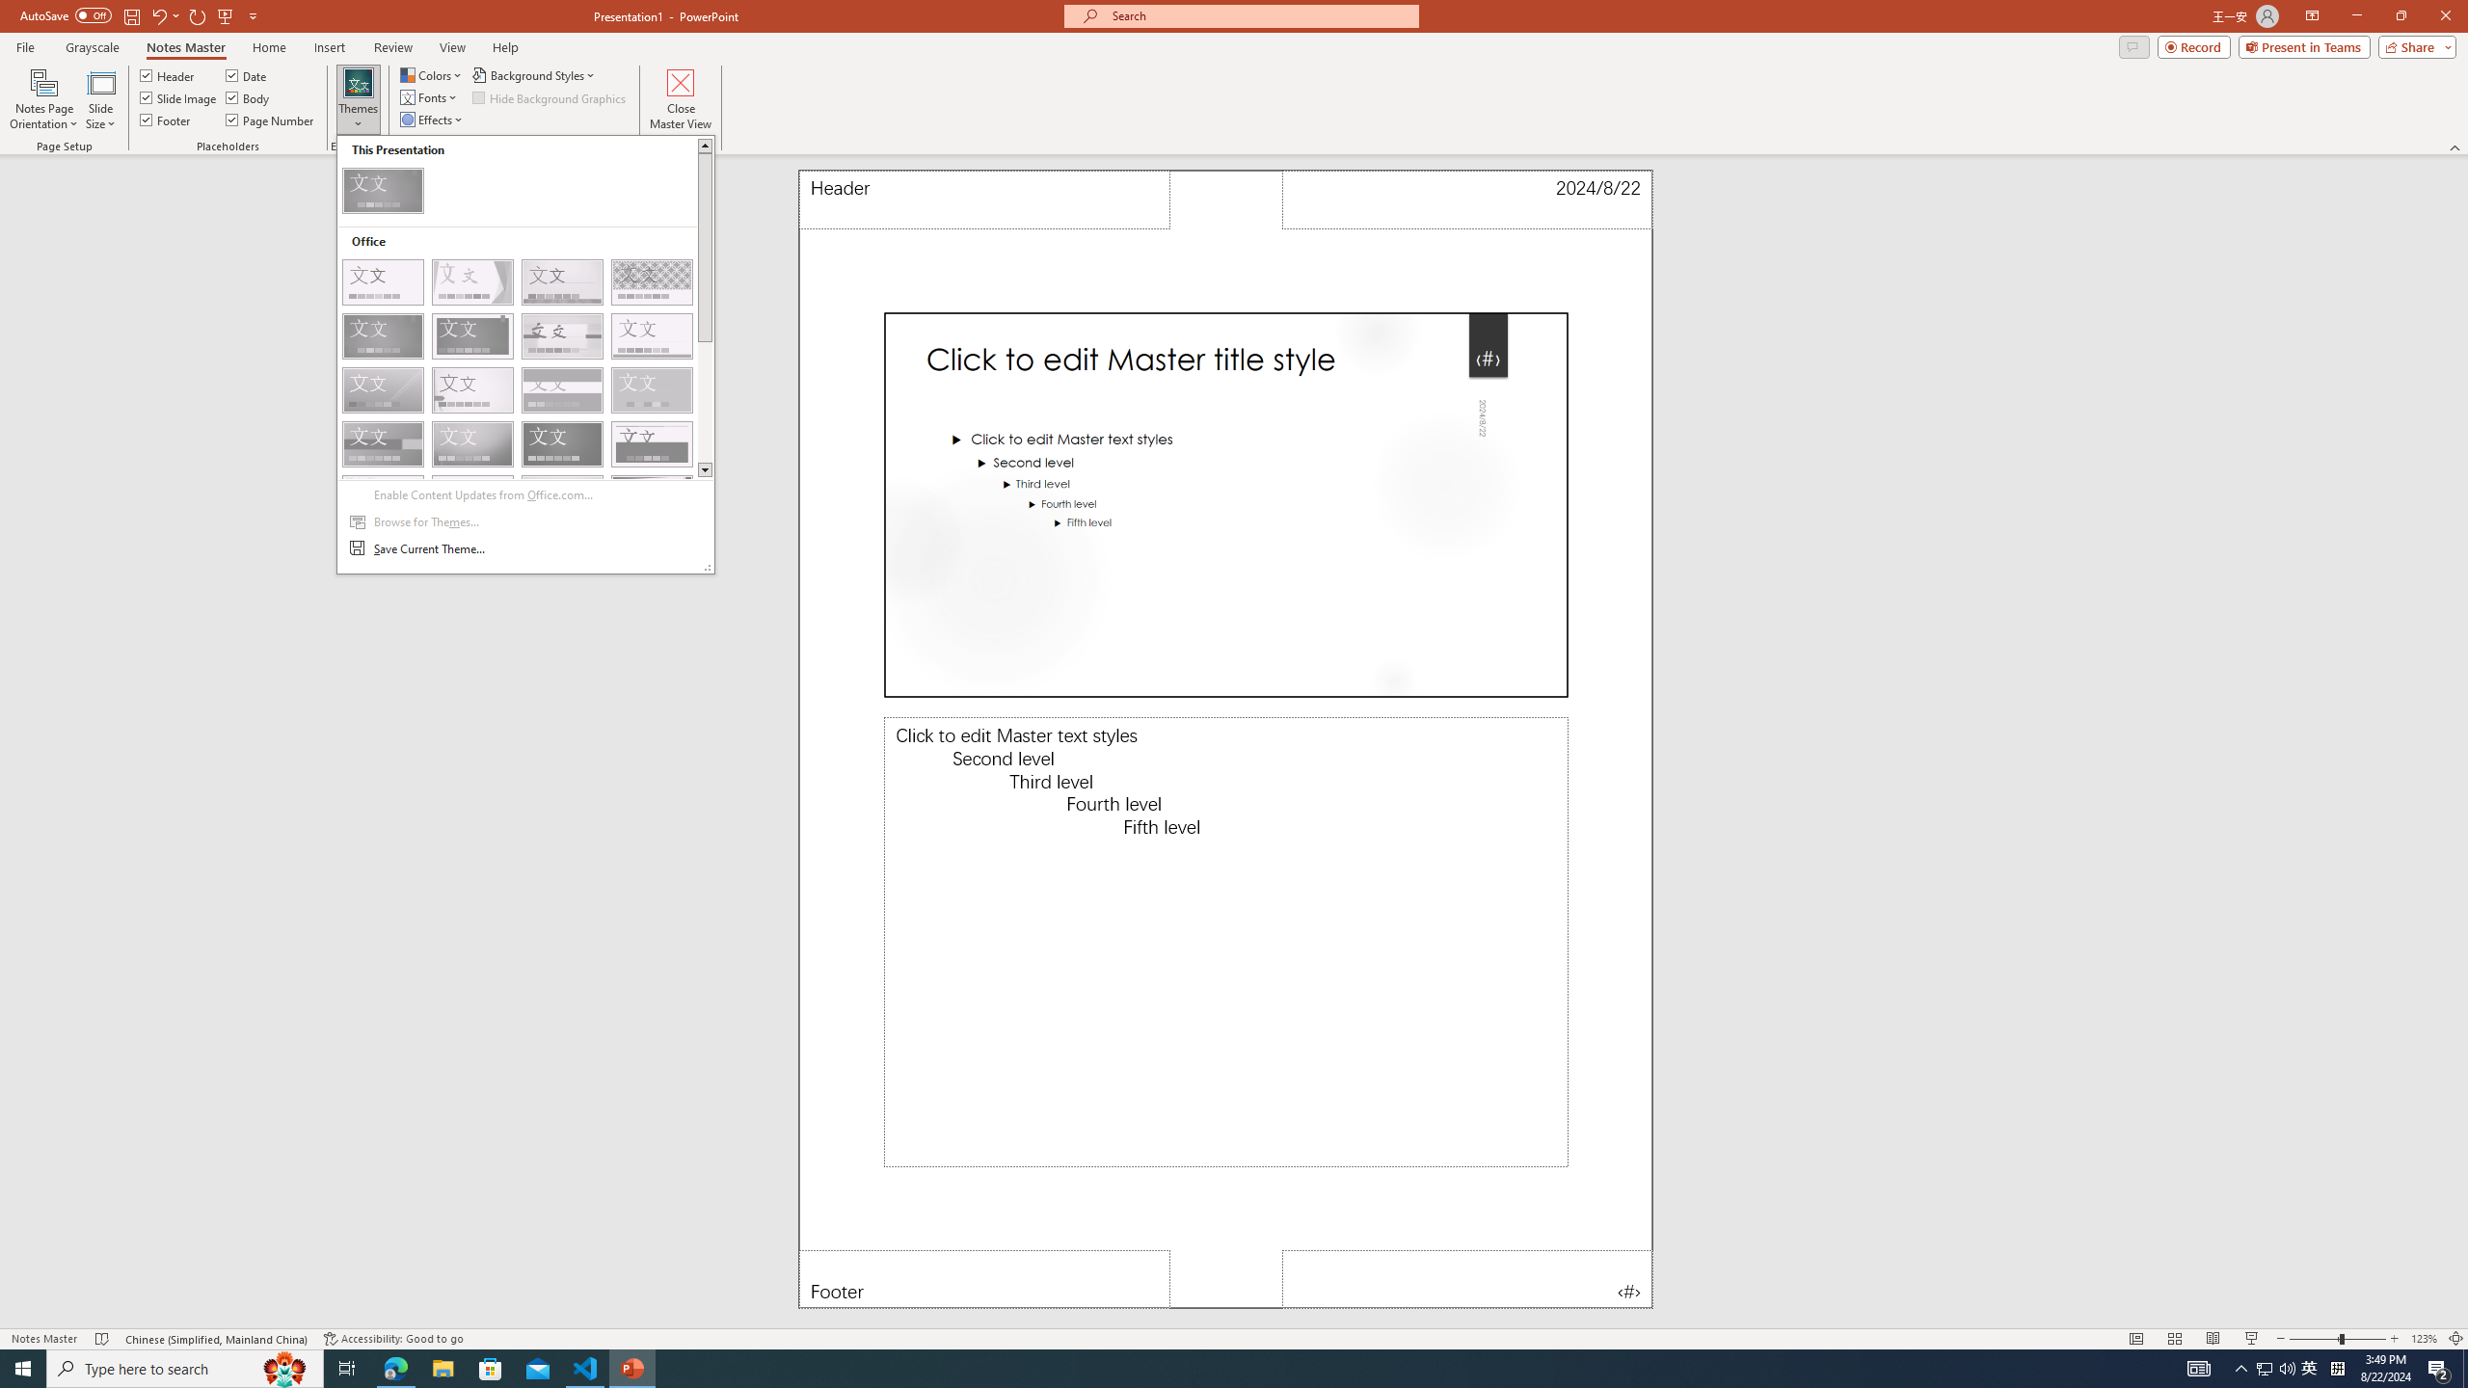  Describe the element at coordinates (99, 99) in the screenshot. I see `'Slide Size'` at that location.